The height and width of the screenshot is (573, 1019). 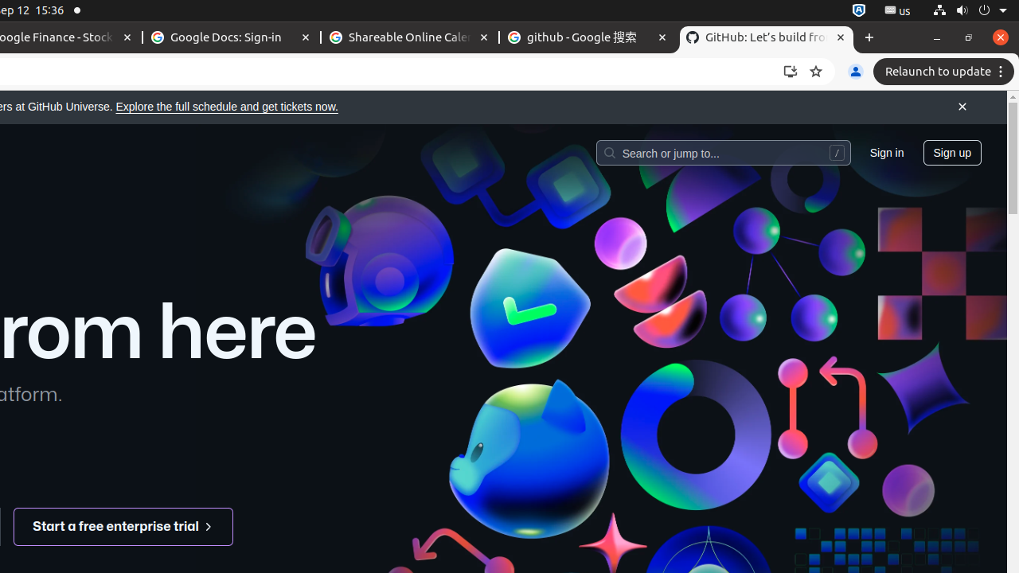 I want to click on 'Search or jump to…', so click(x=722, y=152).